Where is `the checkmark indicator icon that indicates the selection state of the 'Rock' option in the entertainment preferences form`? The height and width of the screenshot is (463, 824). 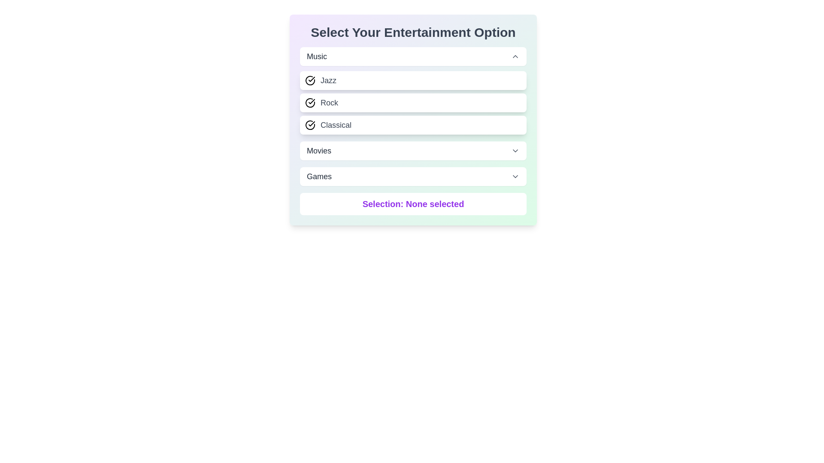
the checkmark indicator icon that indicates the selection state of the 'Rock' option in the entertainment preferences form is located at coordinates (310, 102).